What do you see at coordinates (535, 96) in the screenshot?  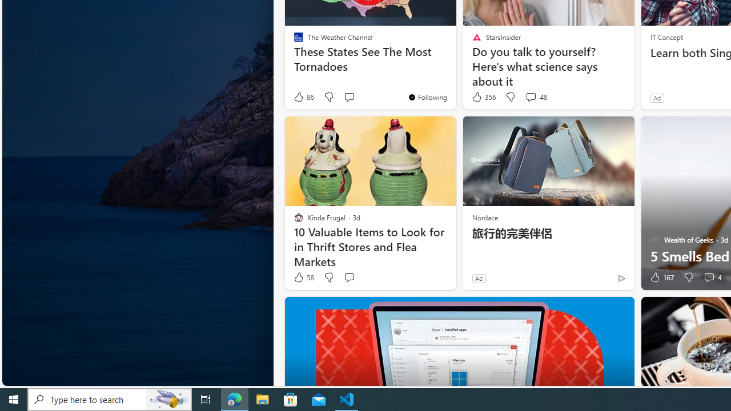 I see `'View comments 48 Comment'` at bounding box center [535, 96].